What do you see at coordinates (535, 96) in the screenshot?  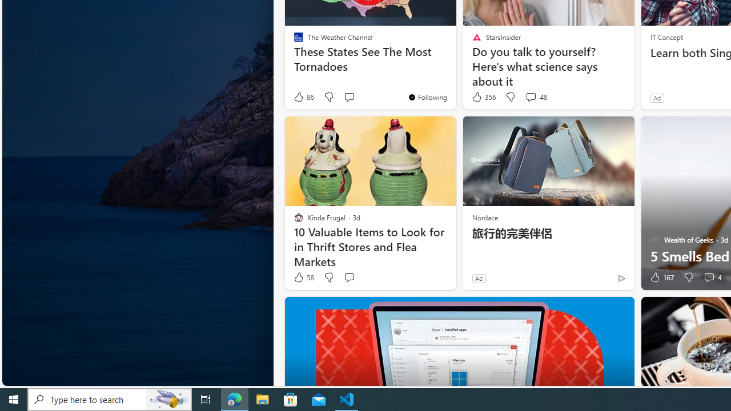 I see `'View comments 48 Comment'` at bounding box center [535, 96].